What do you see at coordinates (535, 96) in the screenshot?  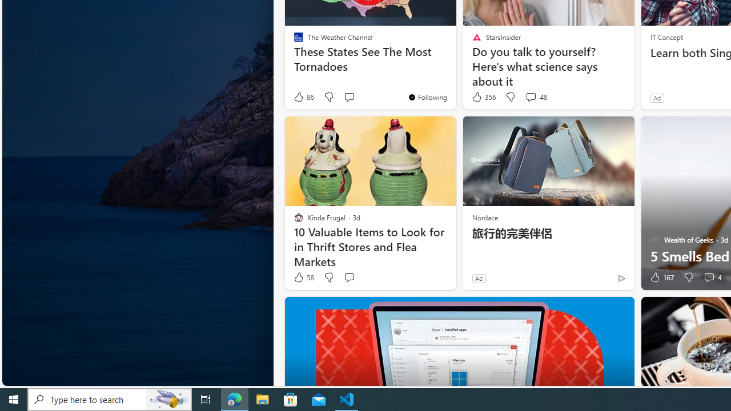 I see `'View comments 48 Comment'` at bounding box center [535, 96].